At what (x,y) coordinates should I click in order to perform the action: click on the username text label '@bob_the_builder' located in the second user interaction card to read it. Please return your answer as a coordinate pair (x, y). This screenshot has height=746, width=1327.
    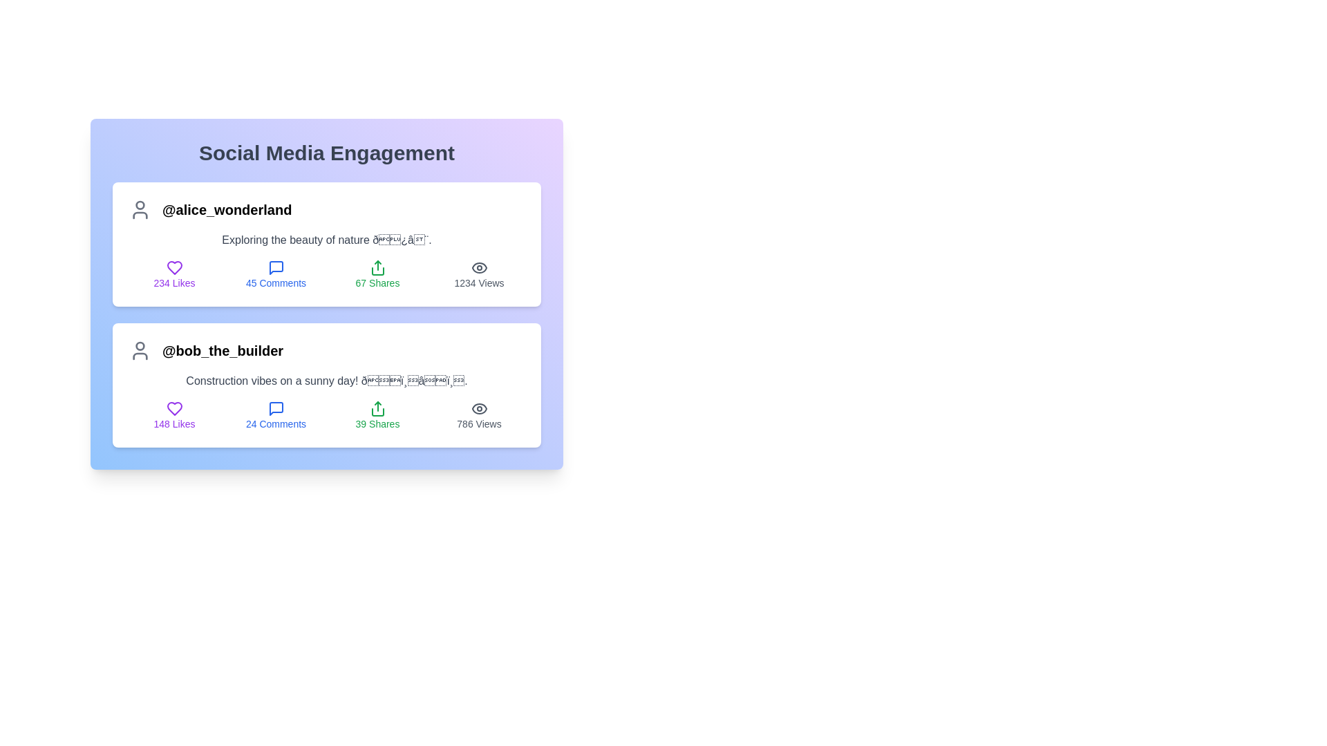
    Looking at the image, I should click on (223, 350).